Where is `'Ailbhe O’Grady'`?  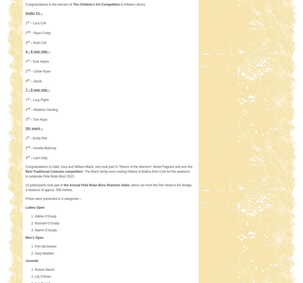
'Ailbhe O’Grady' is located at coordinates (34, 216).